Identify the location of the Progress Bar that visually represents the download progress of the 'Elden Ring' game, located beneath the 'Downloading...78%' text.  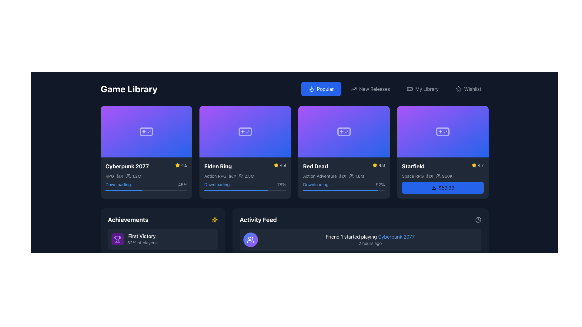
(245, 190).